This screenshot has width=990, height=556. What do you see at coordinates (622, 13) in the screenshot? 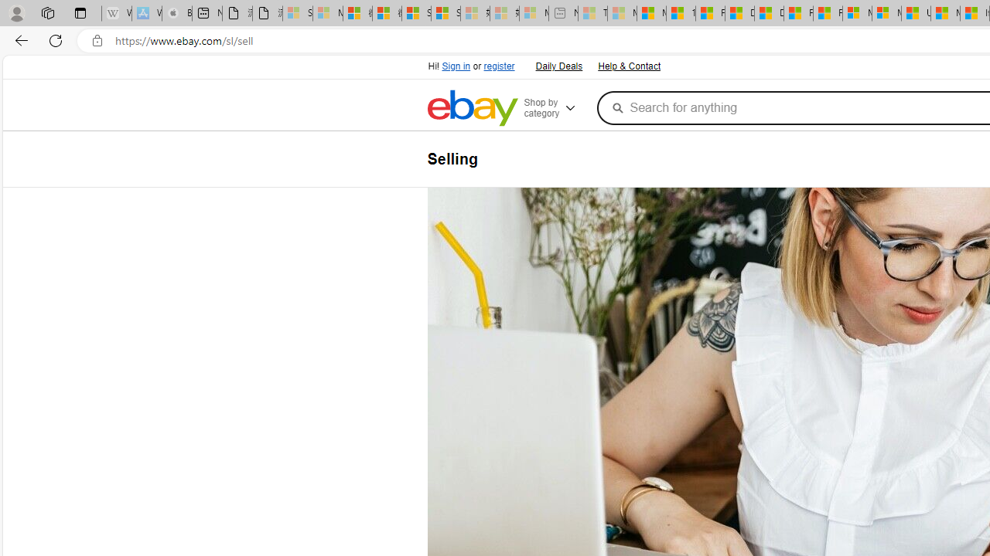
I see `'Marine life - MSN - Sleeping'` at bounding box center [622, 13].